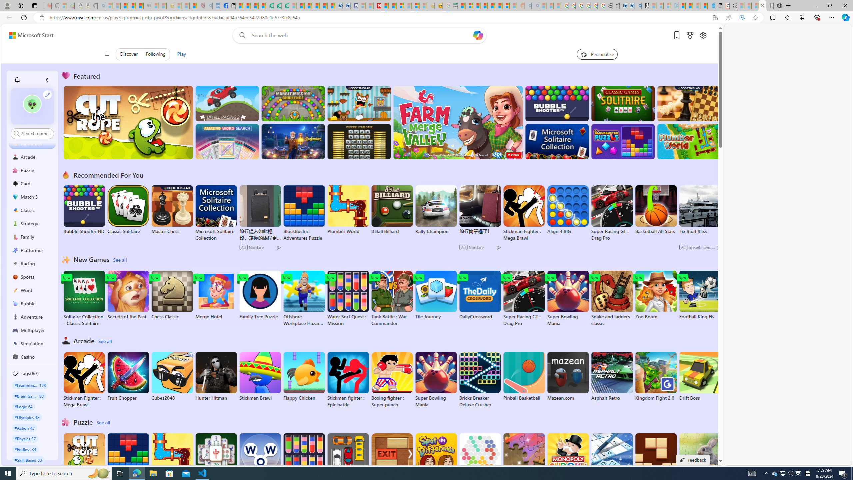 This screenshot has height=480, width=853. I want to click on 'Fruit Chopper', so click(128, 376).